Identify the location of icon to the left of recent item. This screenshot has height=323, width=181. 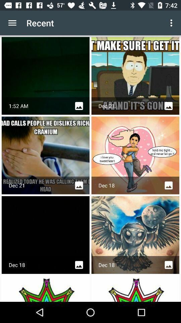
(12, 23).